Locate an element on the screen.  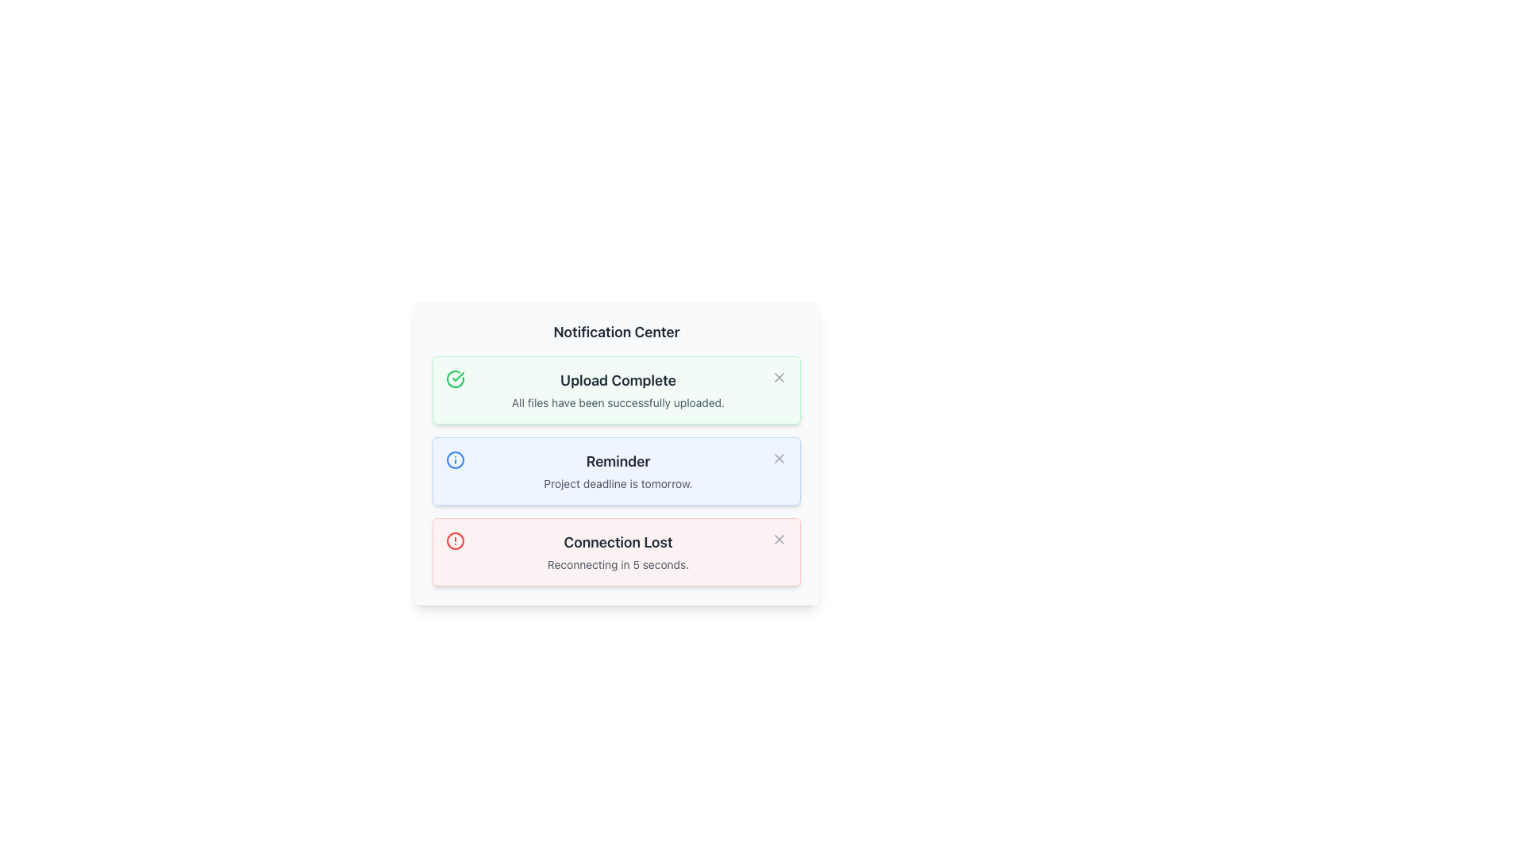
the primary title text label of the notification about a lost connection, which is located at the bottom-most position of the notification card is located at coordinates (617, 541).